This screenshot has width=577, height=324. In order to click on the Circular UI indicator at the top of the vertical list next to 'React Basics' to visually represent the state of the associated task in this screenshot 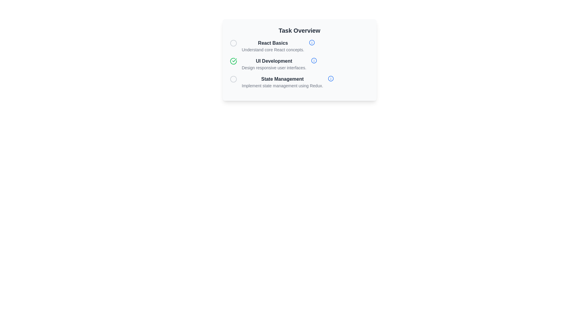, I will do `click(233, 43)`.